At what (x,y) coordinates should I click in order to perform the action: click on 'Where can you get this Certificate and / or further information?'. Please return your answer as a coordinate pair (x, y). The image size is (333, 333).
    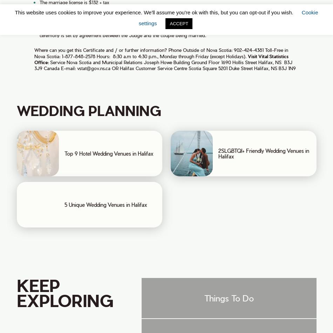
    Looking at the image, I should click on (100, 50).